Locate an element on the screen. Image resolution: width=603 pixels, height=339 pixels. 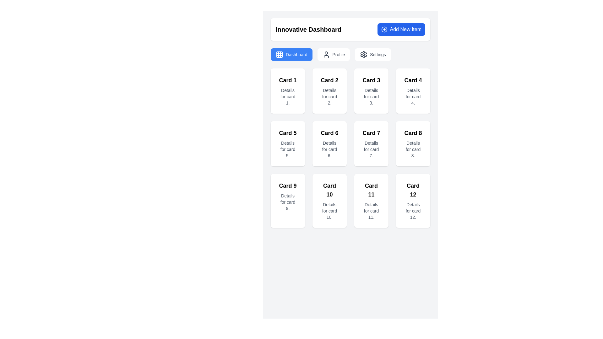
the text label displaying 'Details for card 11.' located at the bottom of the 'Card 11' card is located at coordinates (371, 211).